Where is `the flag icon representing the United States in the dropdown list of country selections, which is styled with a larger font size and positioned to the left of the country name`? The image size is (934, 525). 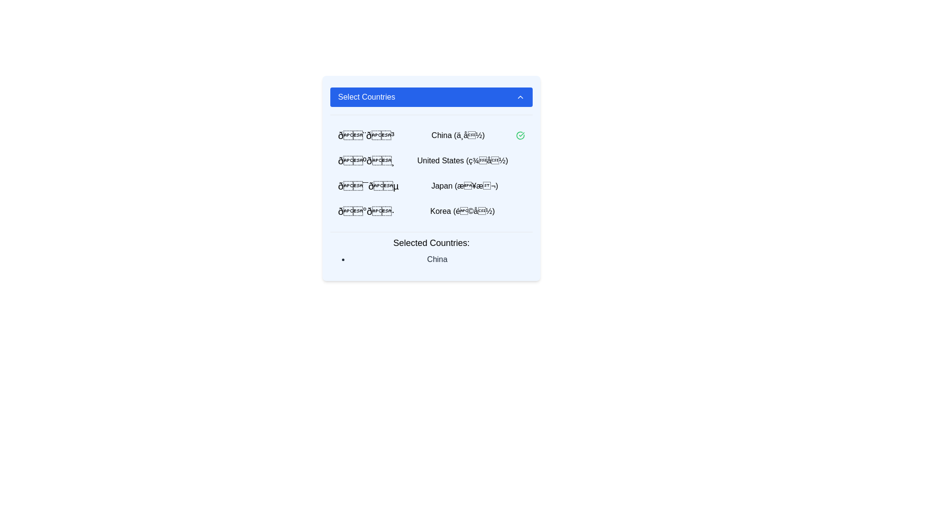 the flag icon representing the United States in the dropdown list of country selections, which is styled with a larger font size and positioned to the left of the country name is located at coordinates (366, 160).